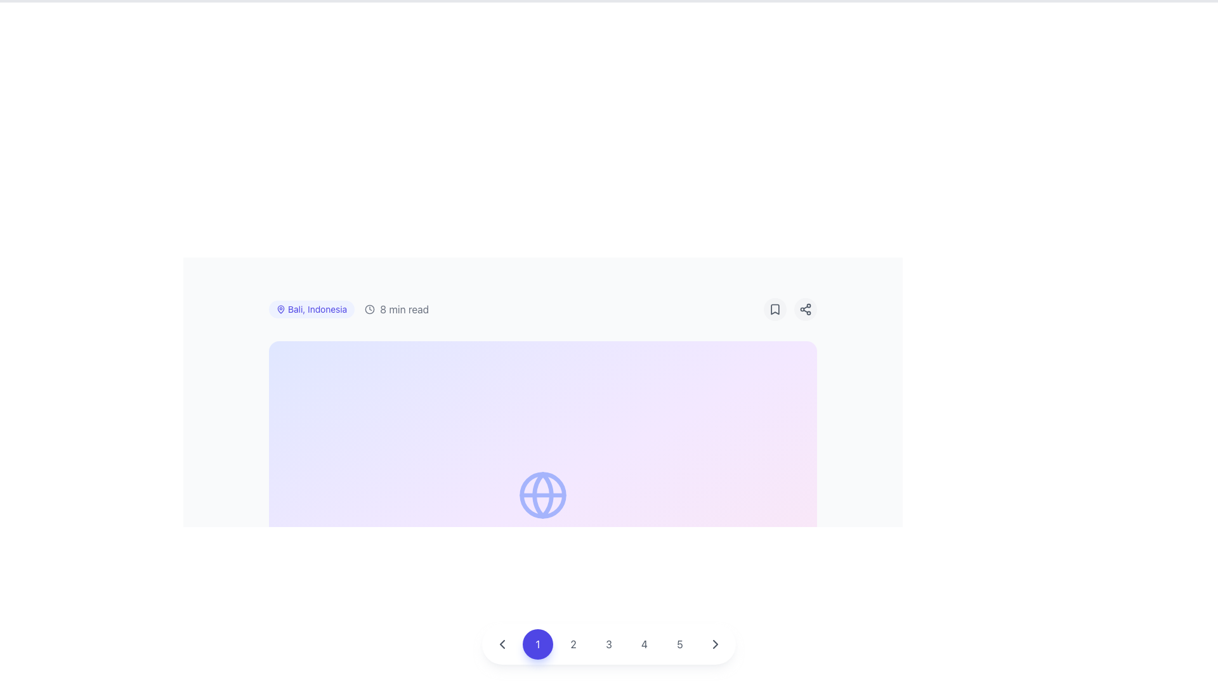 This screenshot has width=1218, height=685. I want to click on the center circle of the globe icon, which is represented by the SVG circle element at the specified coordinates, so click(542, 494).